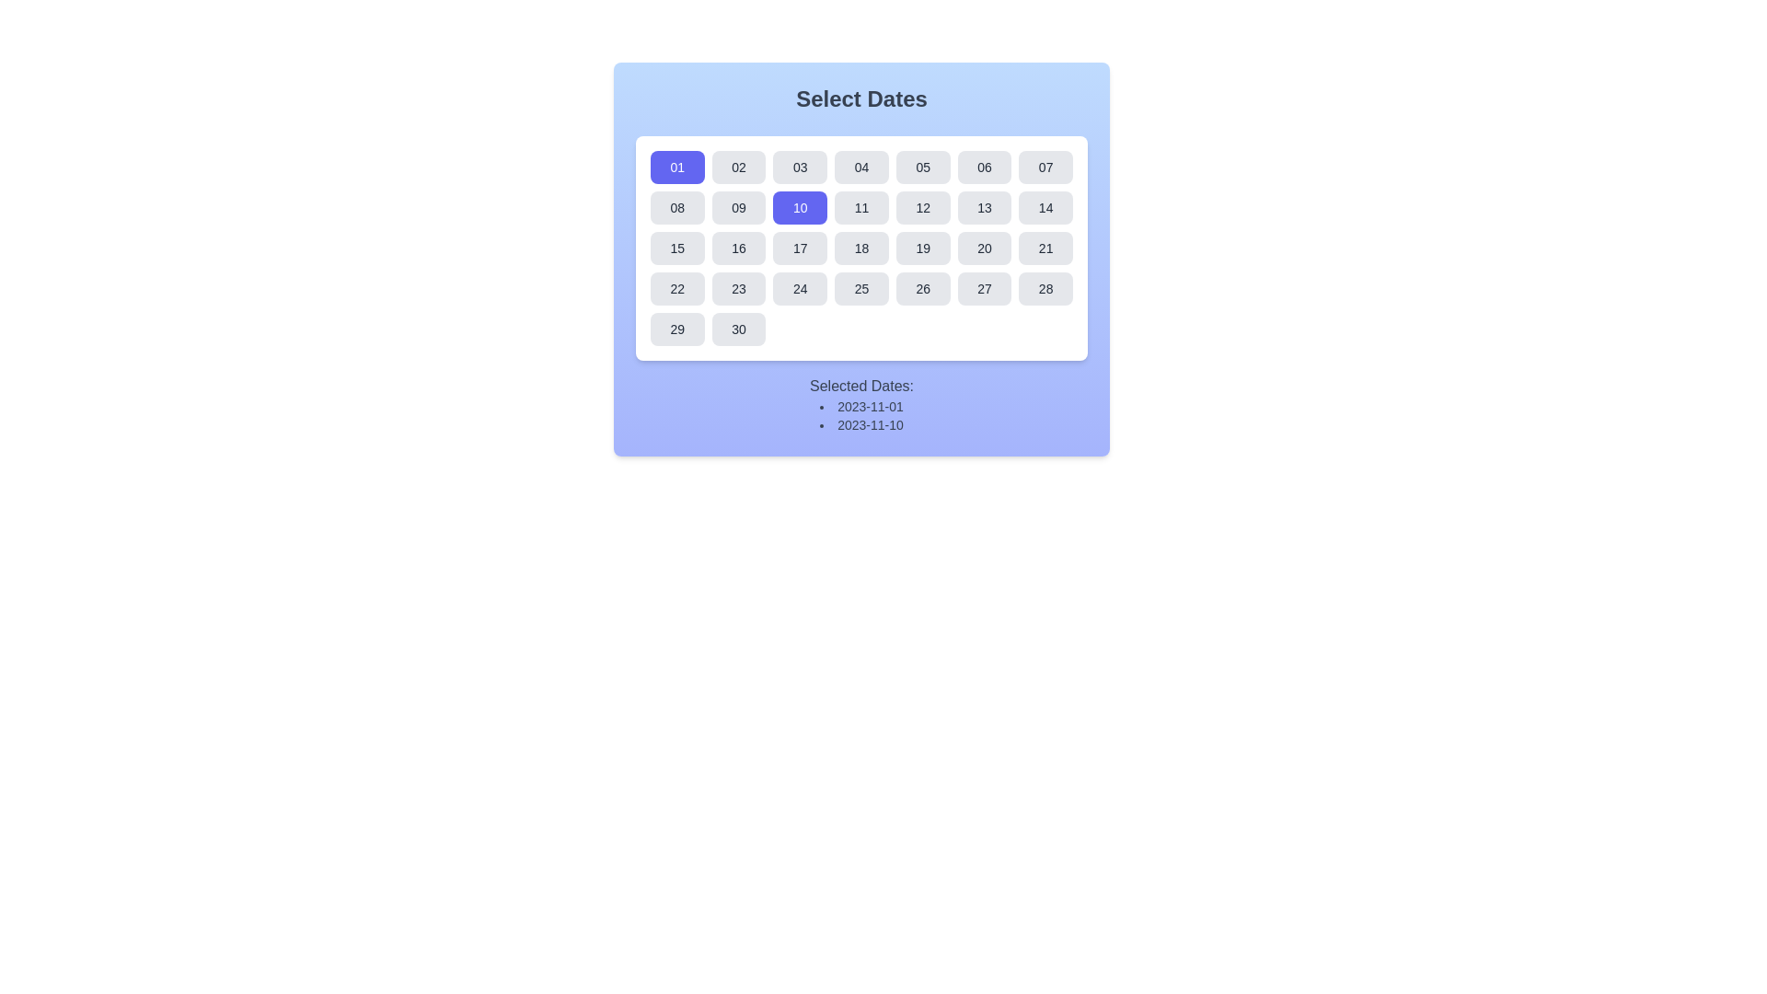 This screenshot has width=1767, height=994. I want to click on the date selection button for the date '29' located in the 'Select Dates' section, so click(676, 329).